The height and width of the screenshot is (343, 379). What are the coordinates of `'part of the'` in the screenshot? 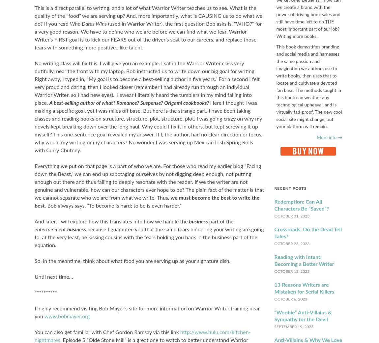 It's located at (220, 221).